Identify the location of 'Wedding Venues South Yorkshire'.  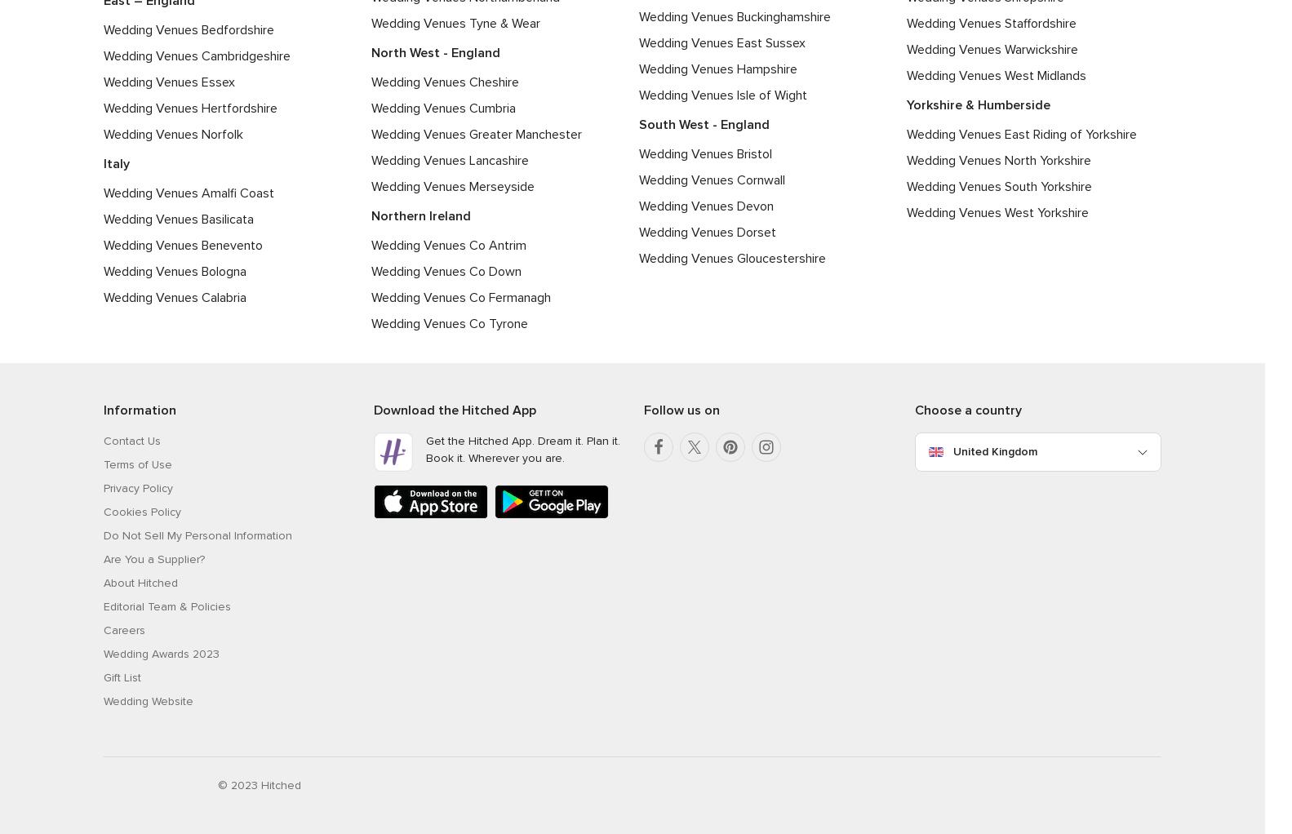
(999, 185).